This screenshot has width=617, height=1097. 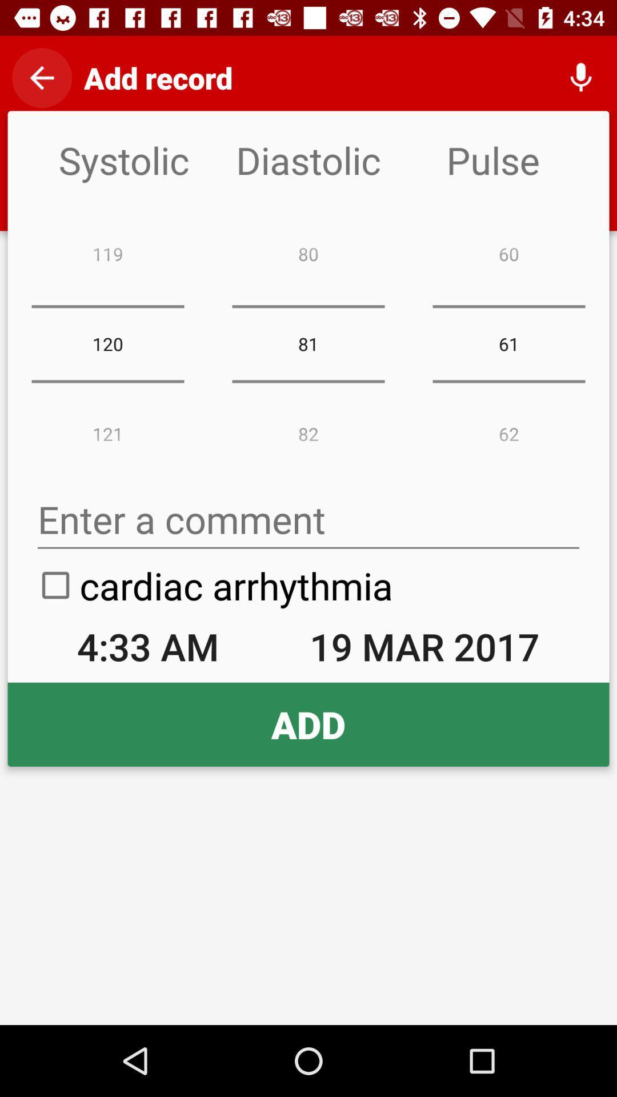 What do you see at coordinates (308, 519) in the screenshot?
I see `comment box` at bounding box center [308, 519].